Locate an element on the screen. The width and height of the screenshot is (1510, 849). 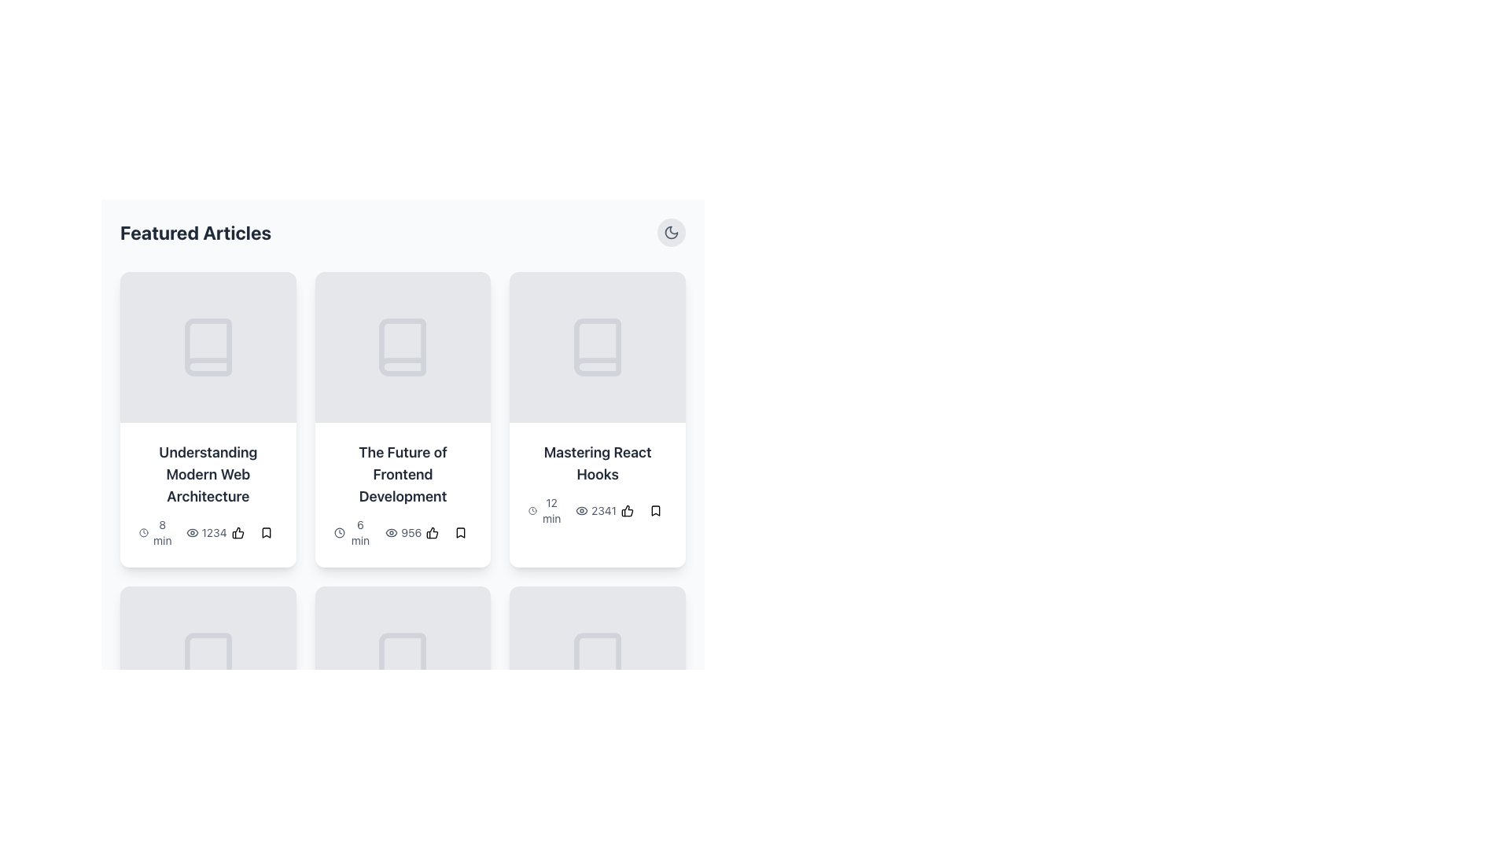
the title text label of the first article in the top row of the grid, which informs users about the article content is located at coordinates (207, 474).